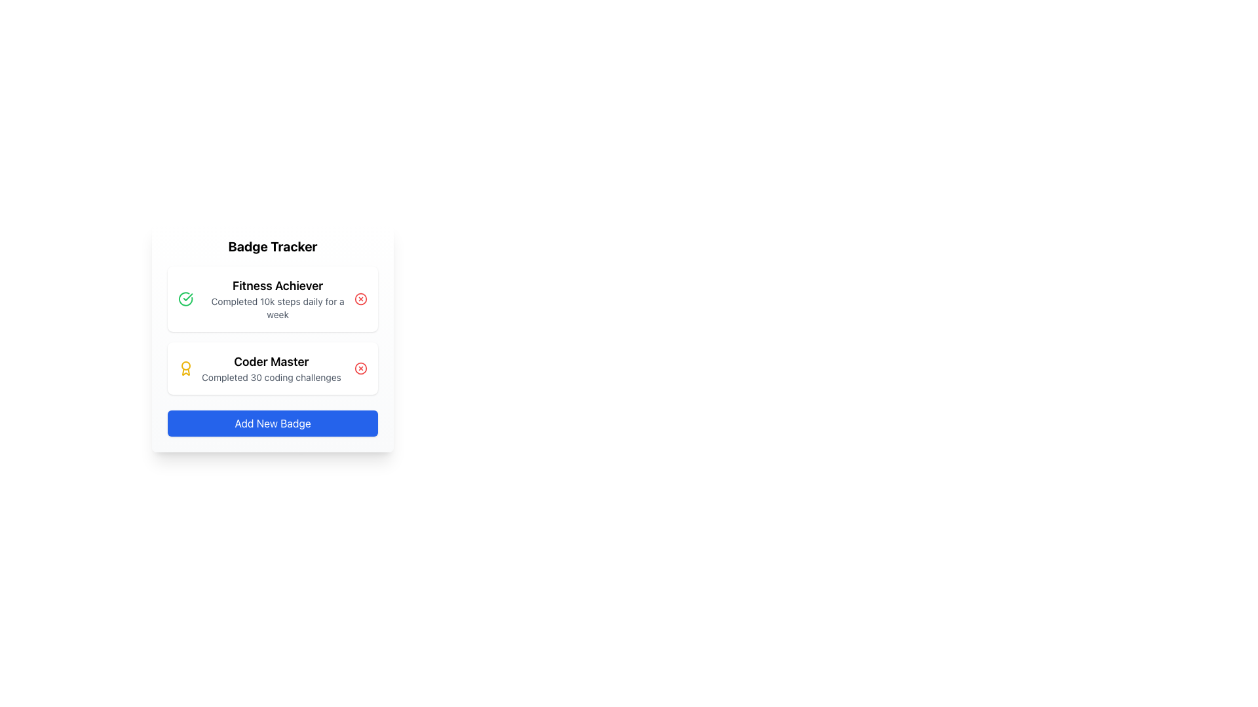  I want to click on the completion icon next to the text 'Fitness Achiever' to signify success in the badge tracker, so click(185, 299).